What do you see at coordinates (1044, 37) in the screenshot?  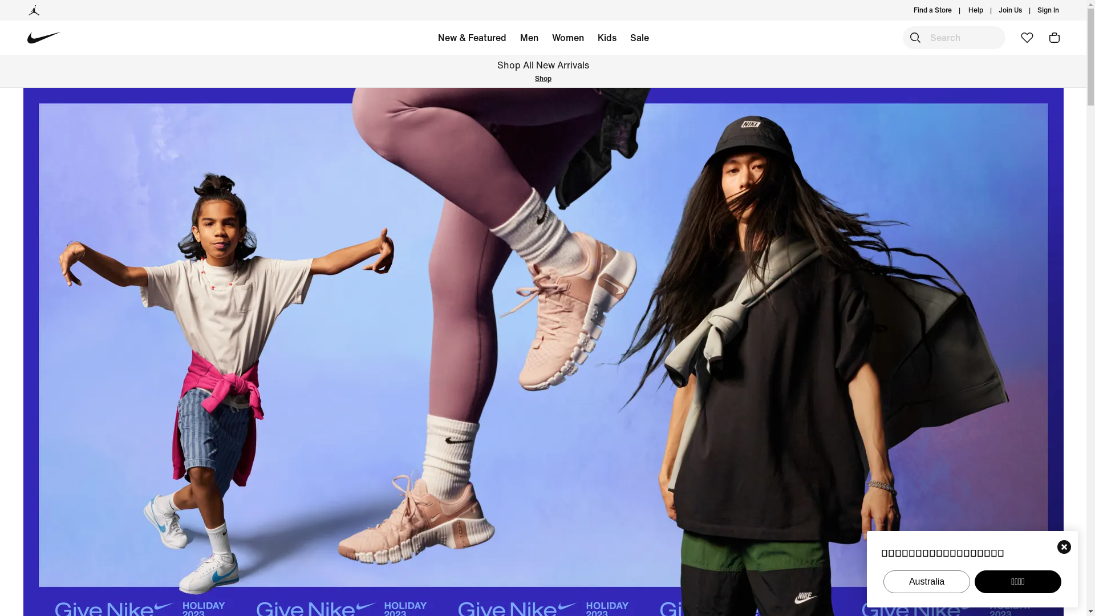 I see `'Bag Items: 0'` at bounding box center [1044, 37].